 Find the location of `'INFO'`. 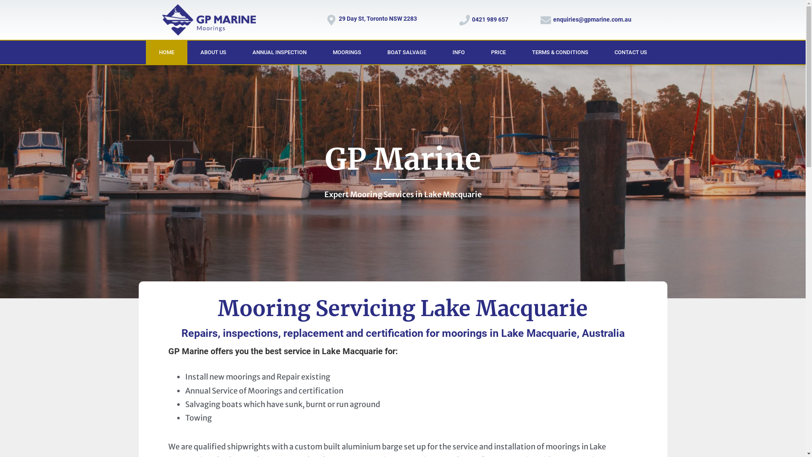

'INFO' is located at coordinates (458, 52).